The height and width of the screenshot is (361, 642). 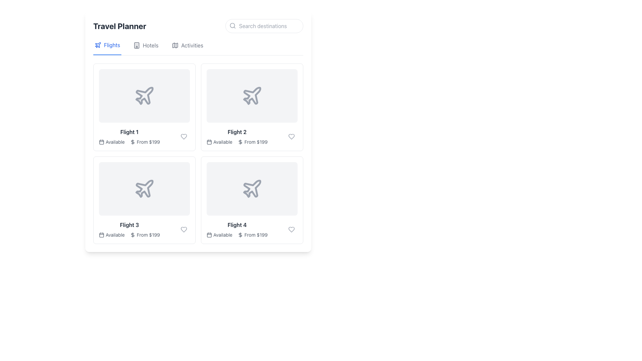 I want to click on the availability status Label with icon for 'Flight 3', located in the lower-left section of the card, underneath the flight's image and above the price information, so click(x=112, y=234).